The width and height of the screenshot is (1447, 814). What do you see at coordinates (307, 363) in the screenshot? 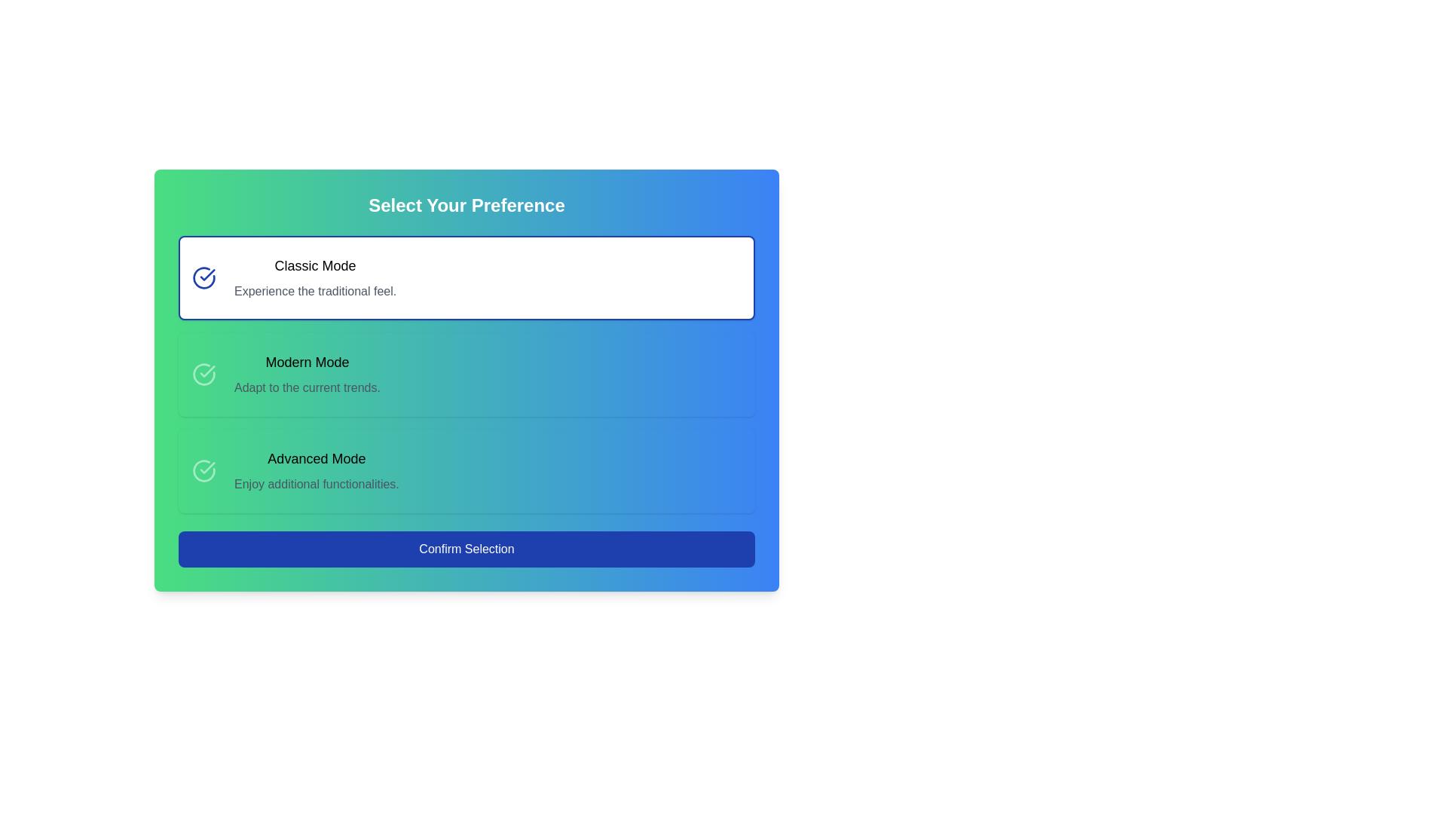
I see `text label reading 'Modern Mode' which is displayed in bold black font on a gradient green-blue background` at bounding box center [307, 363].